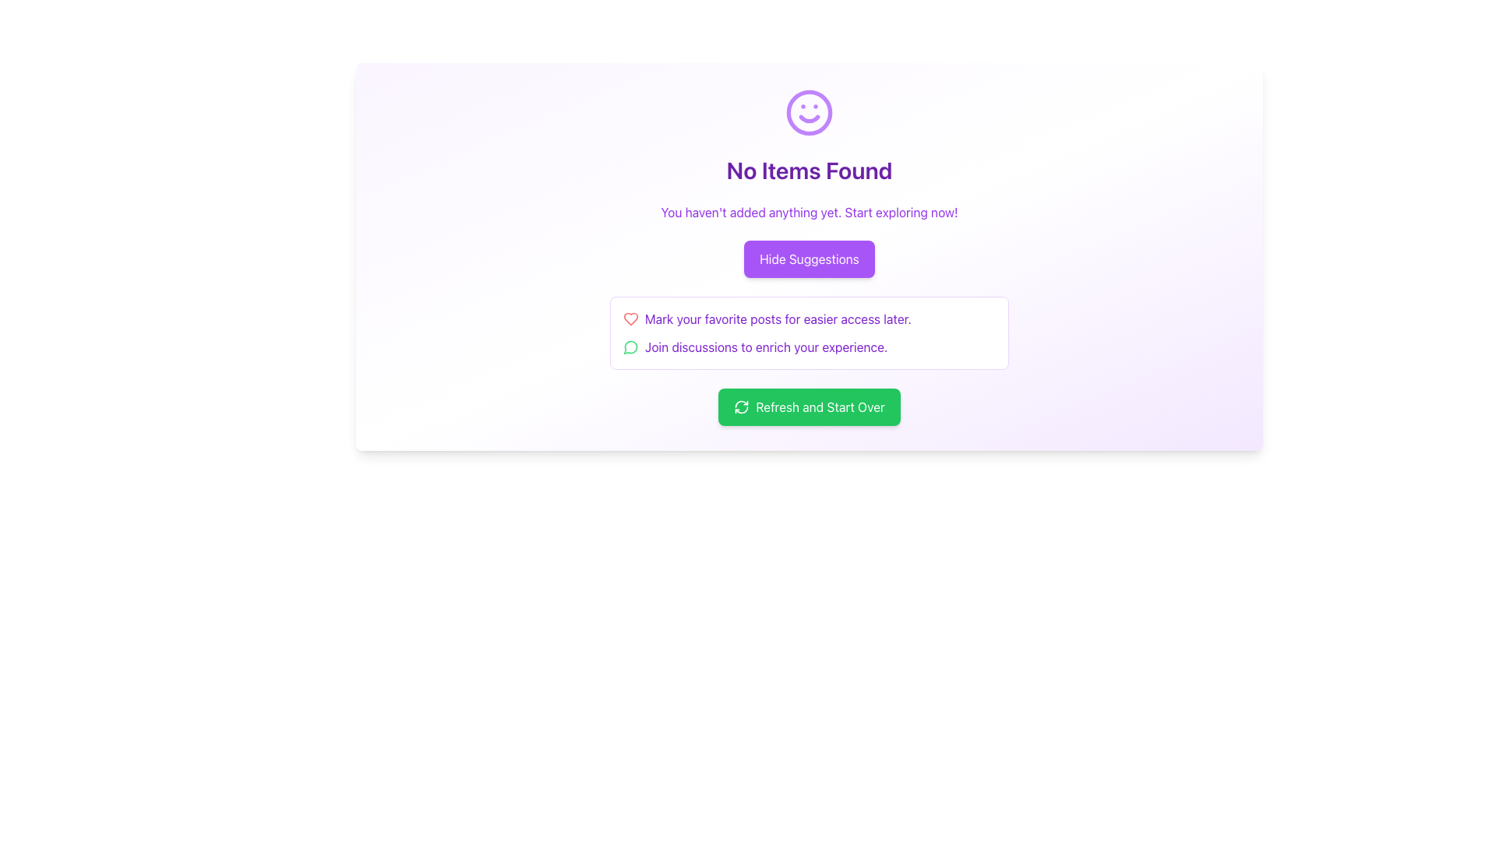 The width and height of the screenshot is (1496, 841). I want to click on the outlined refresh icon within the green button labeled 'Refresh and Start Over', located at the bottom-right corner of the interface, so click(741, 406).